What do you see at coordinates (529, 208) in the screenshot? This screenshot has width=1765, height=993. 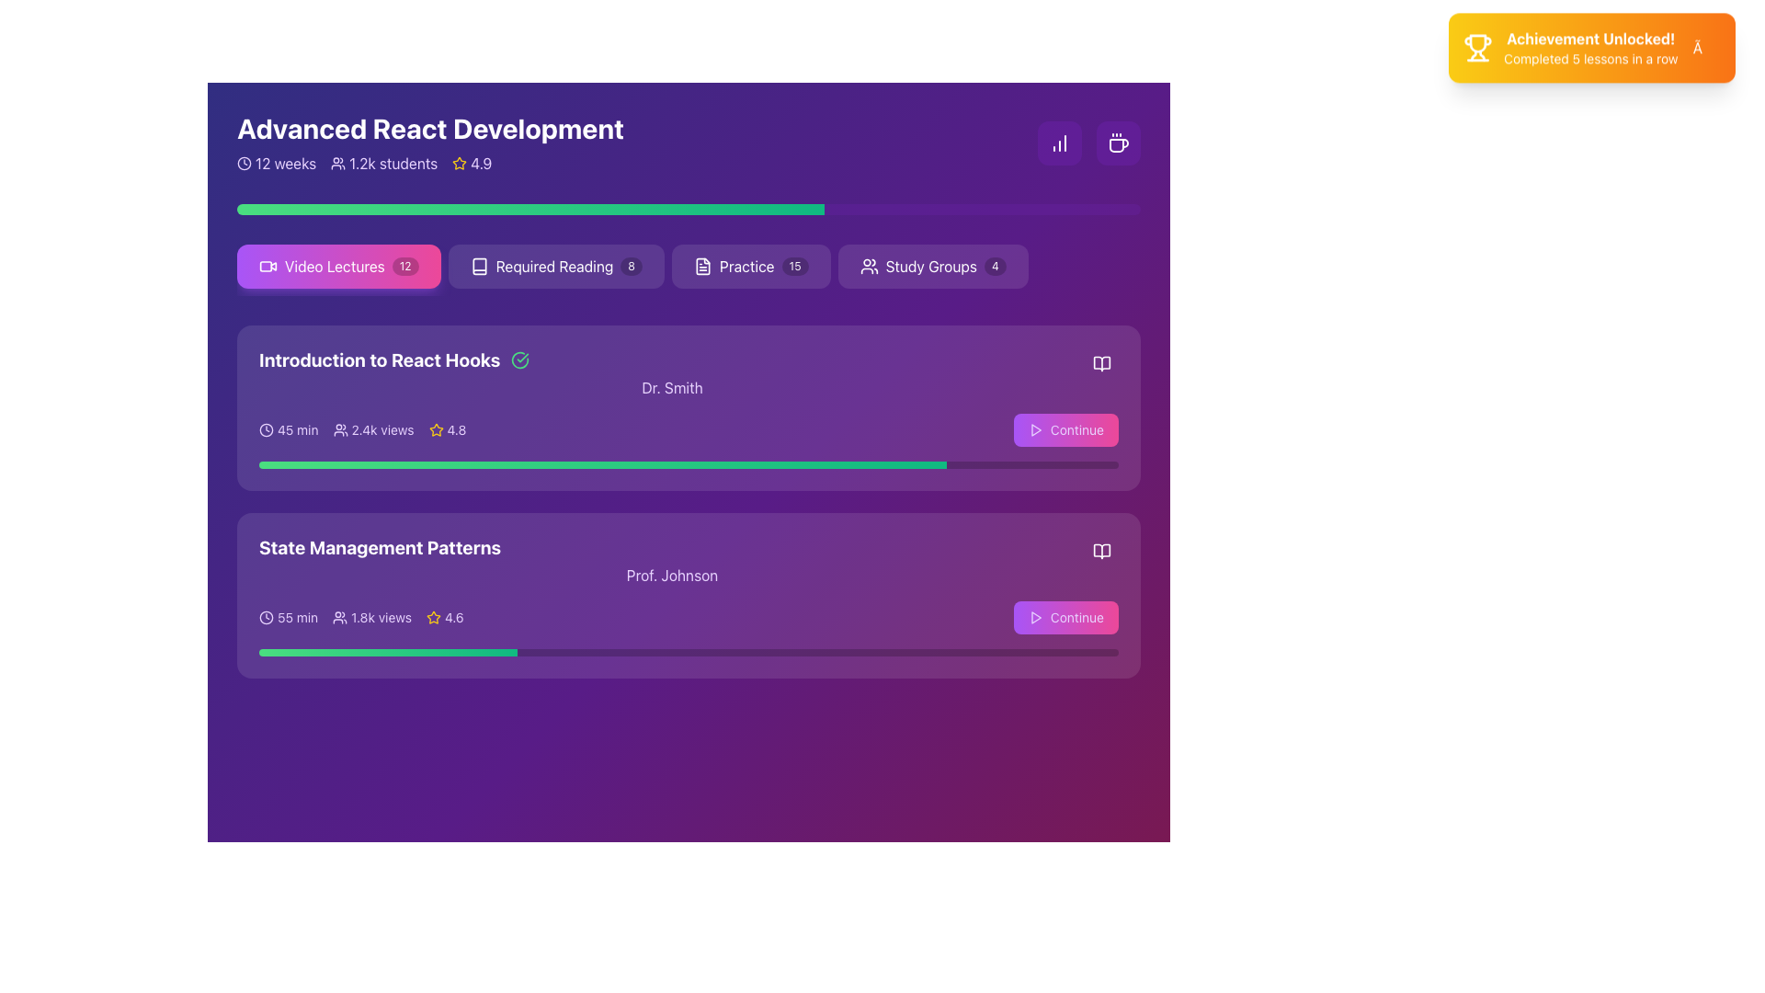 I see `the progress bar segment styled with a gradient transitioning from green to emerald, located beneath the 'Advanced React Development' title` at bounding box center [529, 208].